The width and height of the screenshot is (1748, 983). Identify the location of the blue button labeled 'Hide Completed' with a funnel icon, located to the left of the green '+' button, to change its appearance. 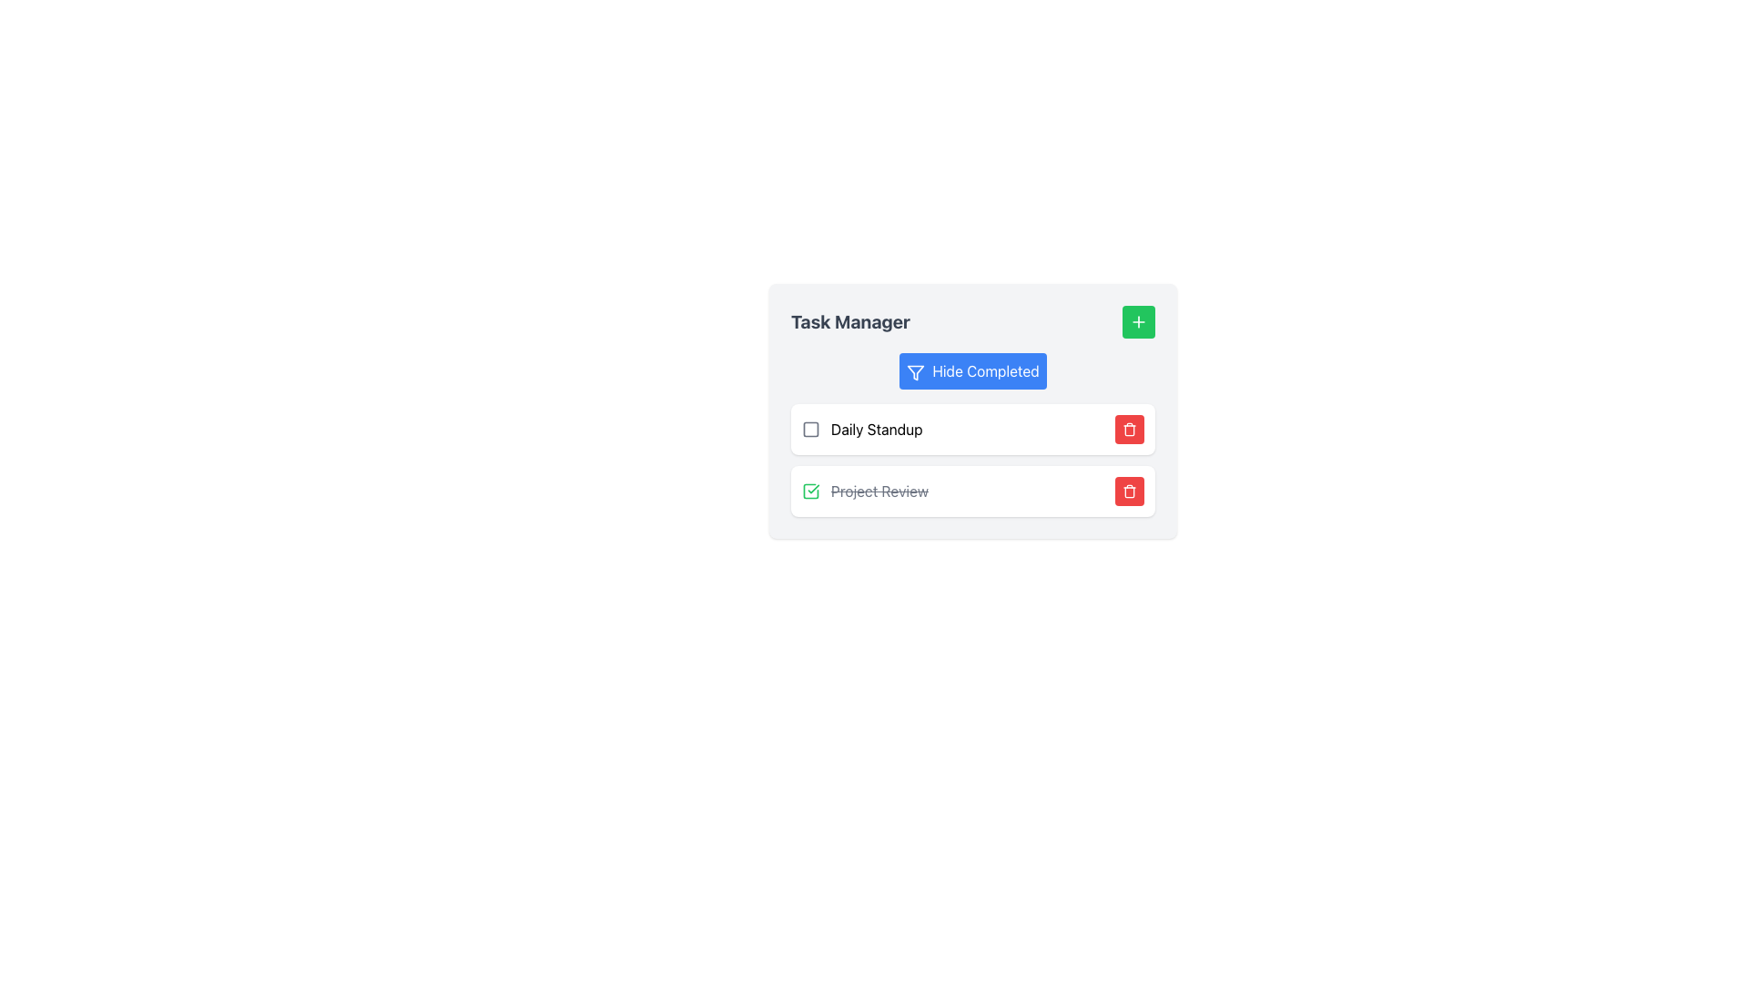
(972, 370).